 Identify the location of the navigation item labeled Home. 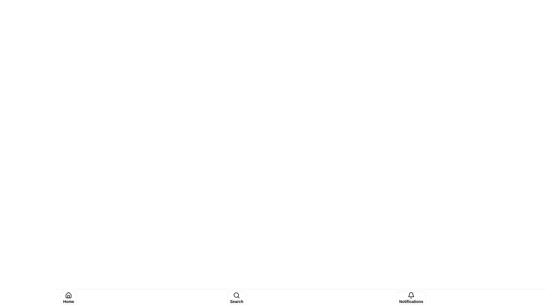
(68, 298).